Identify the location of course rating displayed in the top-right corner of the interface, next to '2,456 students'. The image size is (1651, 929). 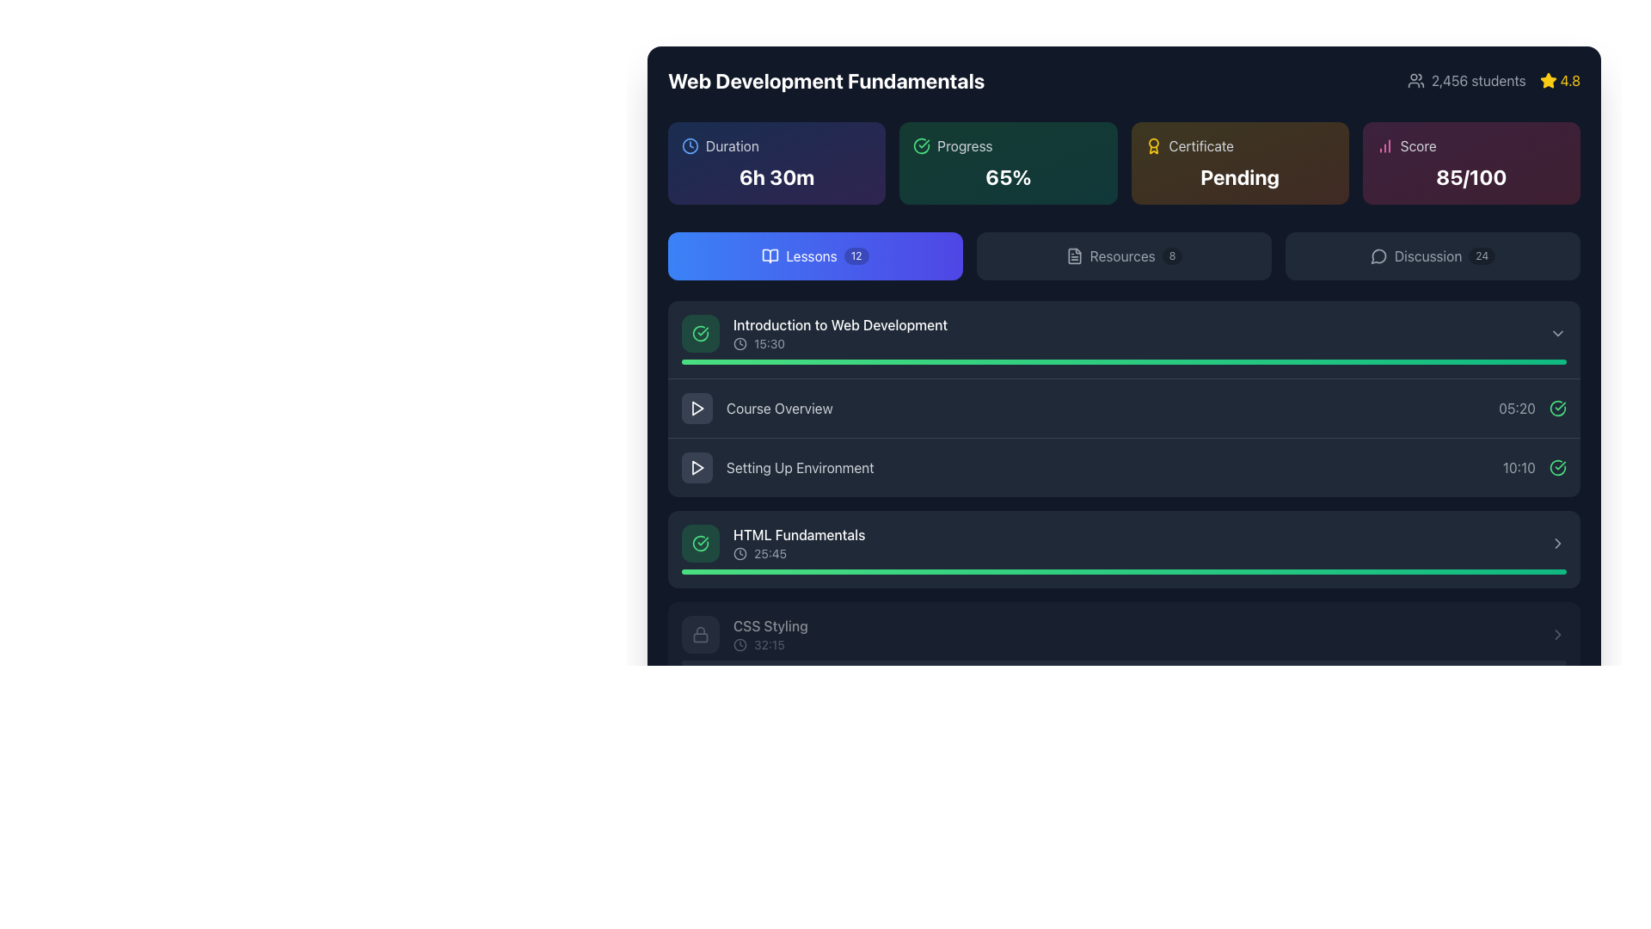
(1560, 80).